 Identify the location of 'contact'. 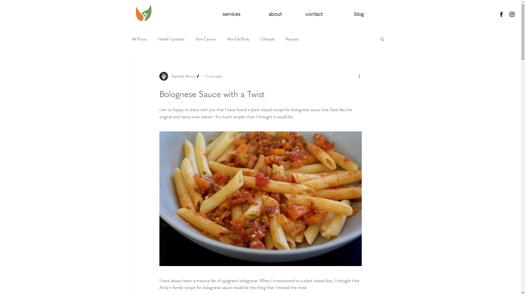
(285, 13).